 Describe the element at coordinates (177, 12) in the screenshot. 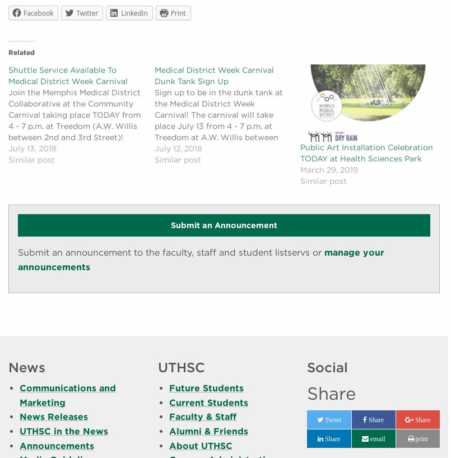

I see `'Print'` at that location.